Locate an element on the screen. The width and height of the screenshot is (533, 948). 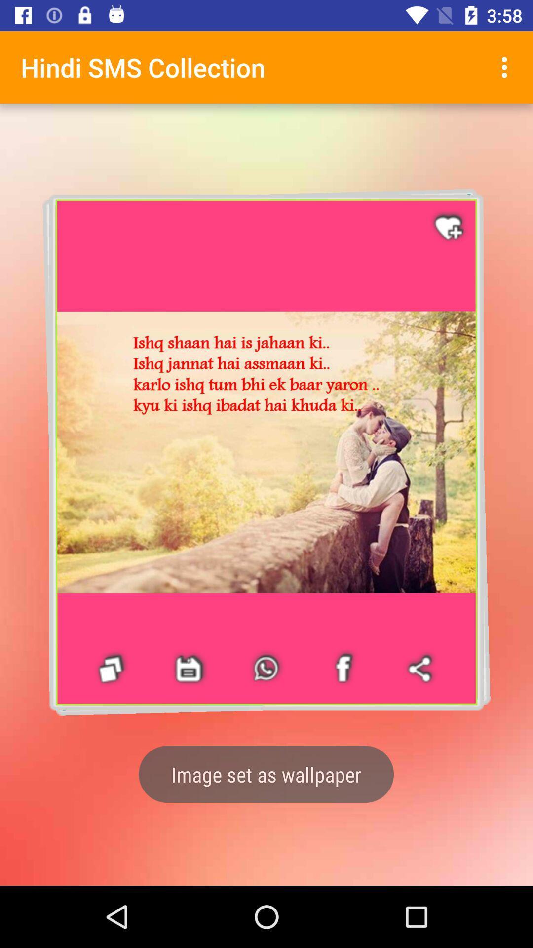
the favorite icon is located at coordinates (449, 227).